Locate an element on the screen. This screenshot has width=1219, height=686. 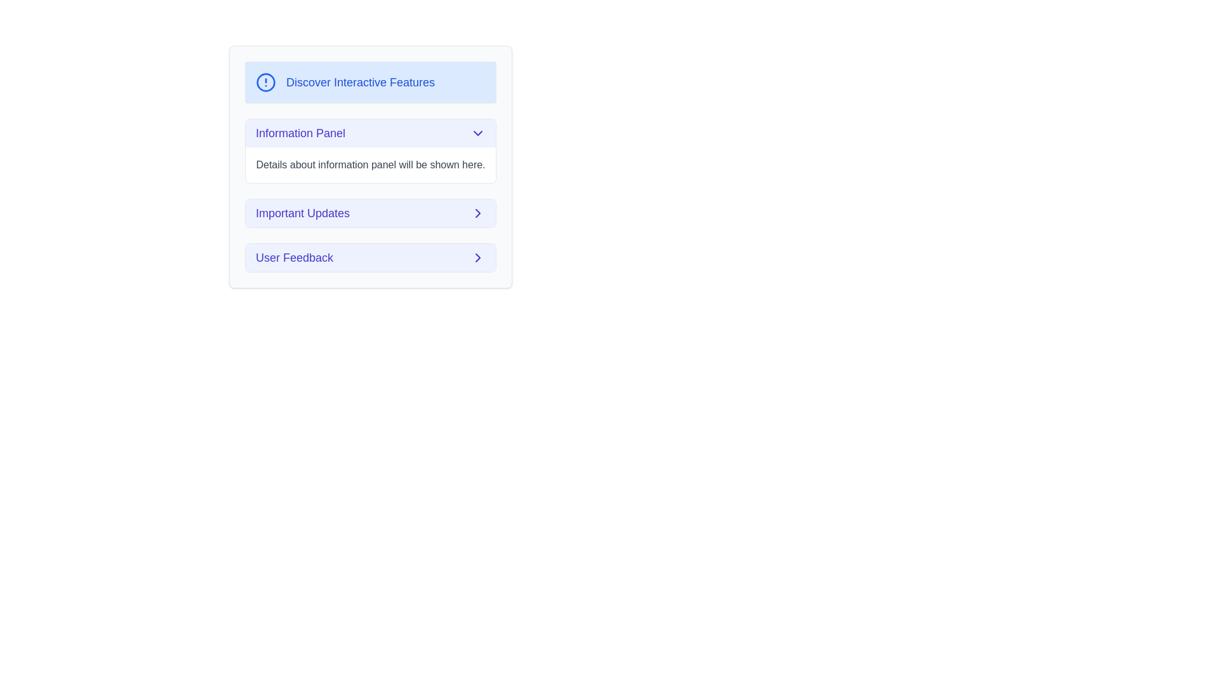
the alert icon located in the top left corner of the 'Discover Interactive Features' panel header is located at coordinates (265, 83).